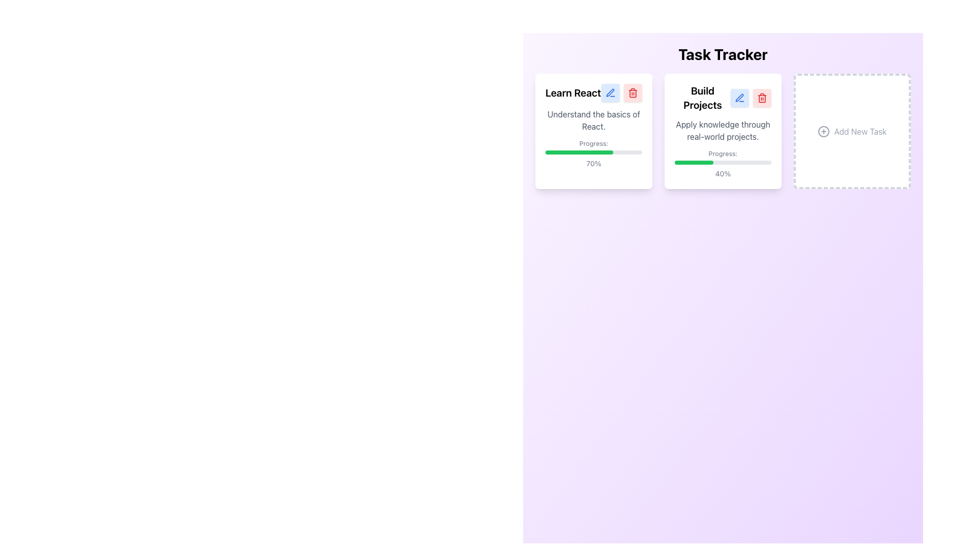 The height and width of the screenshot is (549, 977). What do you see at coordinates (632, 93) in the screenshot?
I see `the red square-shaped button with a trash can icon located at the top-right corner of the 'Learn React' card` at bounding box center [632, 93].